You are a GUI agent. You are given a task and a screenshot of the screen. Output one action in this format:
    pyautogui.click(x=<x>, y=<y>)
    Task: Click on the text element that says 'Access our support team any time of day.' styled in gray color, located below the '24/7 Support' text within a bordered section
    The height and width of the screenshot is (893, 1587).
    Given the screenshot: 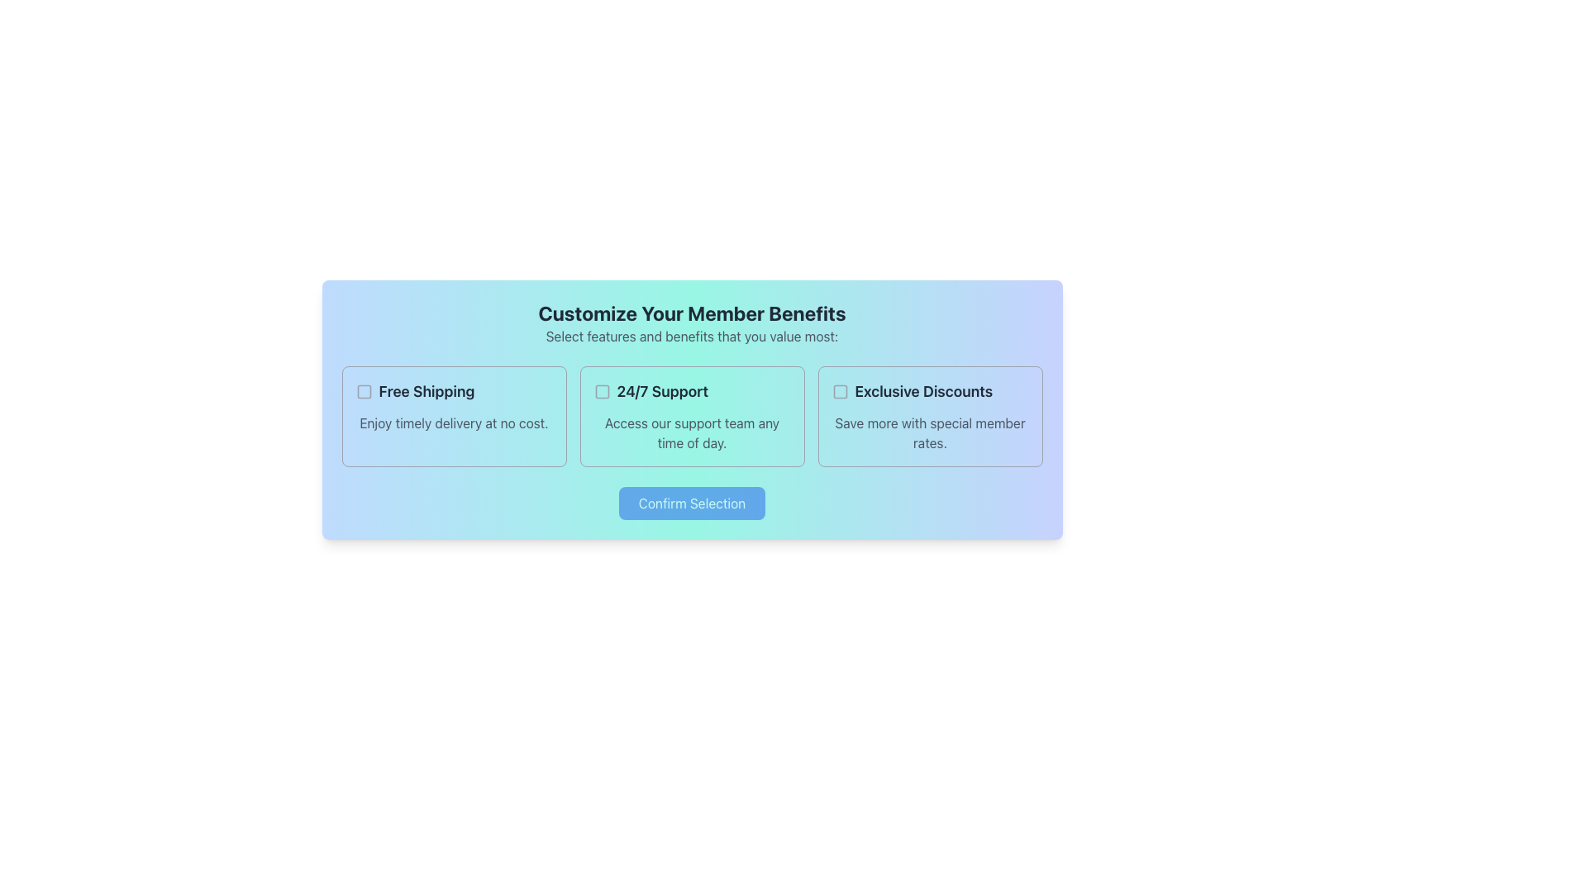 What is the action you would take?
    pyautogui.click(x=692, y=432)
    